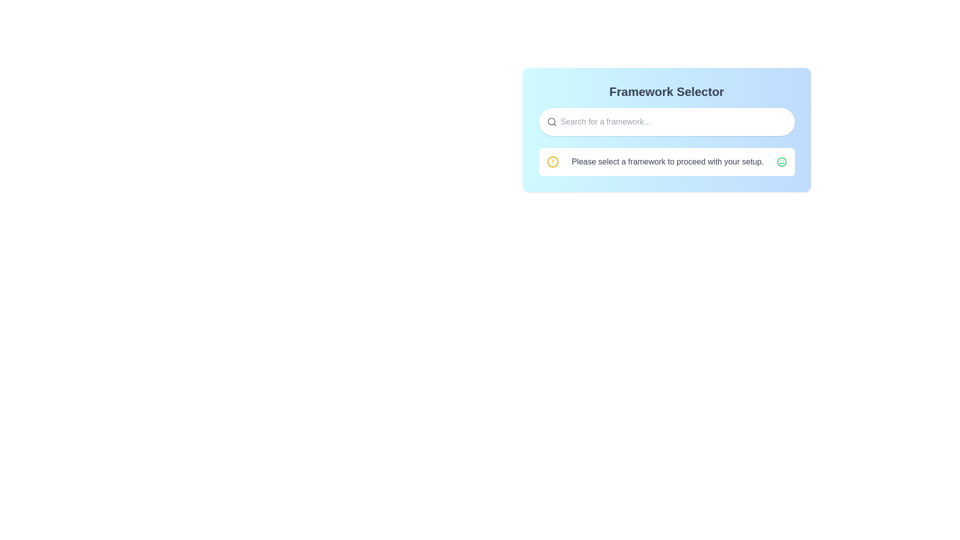 The image size is (960, 540). Describe the element at coordinates (667, 161) in the screenshot. I see `instruction text that is centrally positioned between a yellow alert icon and a green smile icon in a horizontally aligned layout, below a search input field` at that location.